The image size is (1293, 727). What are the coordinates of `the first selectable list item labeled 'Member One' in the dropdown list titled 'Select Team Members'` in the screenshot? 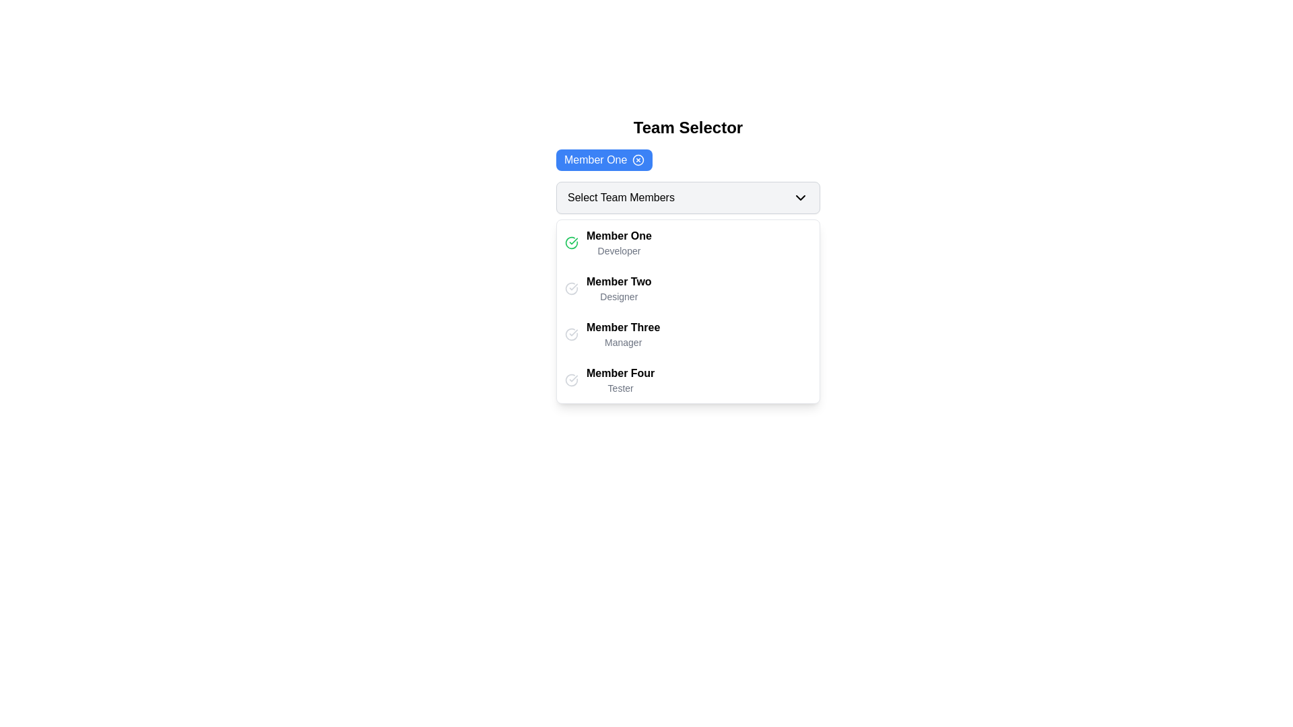 It's located at (688, 243).